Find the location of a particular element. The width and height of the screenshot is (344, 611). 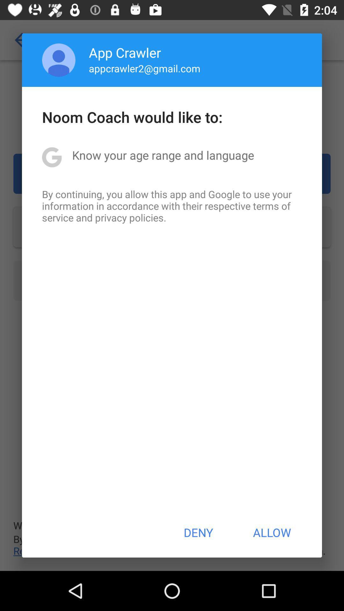

the app above the noom coach would app is located at coordinates (59, 60).